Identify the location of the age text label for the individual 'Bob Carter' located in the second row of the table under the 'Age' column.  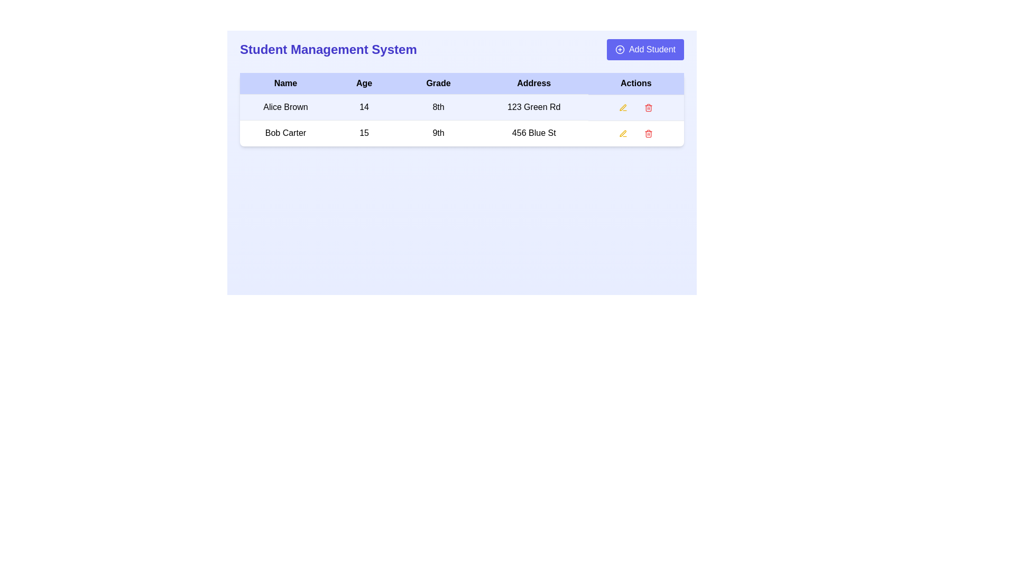
(364, 132).